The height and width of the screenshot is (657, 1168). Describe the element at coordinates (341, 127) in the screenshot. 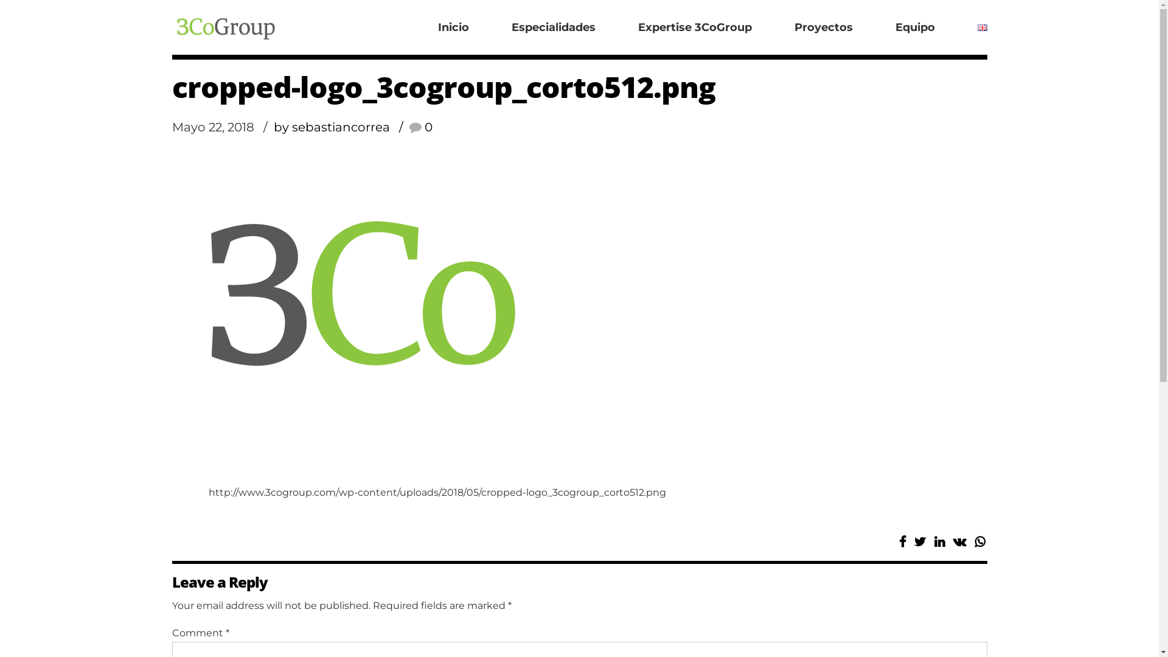

I see `'by sebastiancorrea'` at that location.